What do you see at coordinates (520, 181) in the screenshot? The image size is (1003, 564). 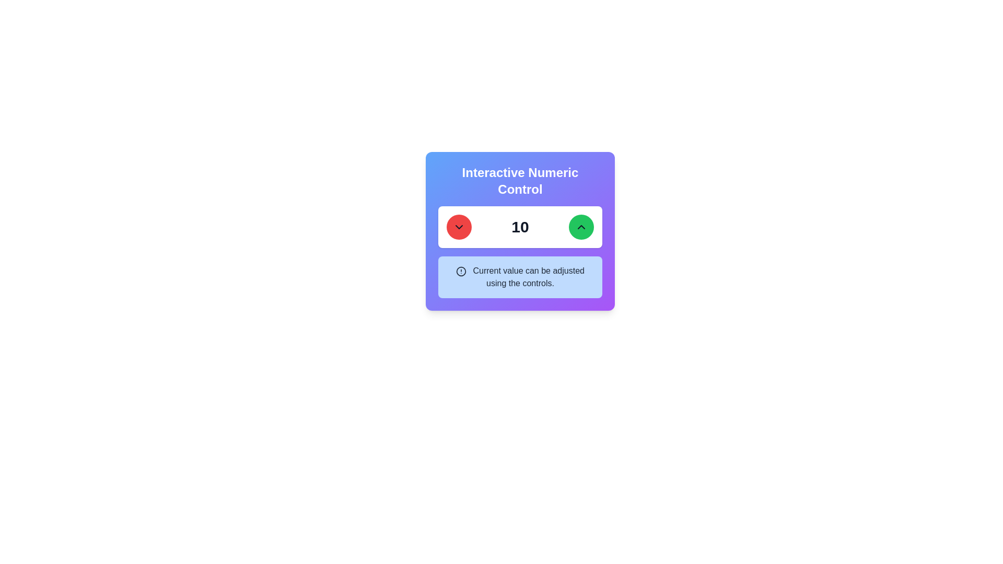 I see `the bold, centered text label reading 'Interactive Numeric Control' that is styled with a larger font size and stands out in a colorful gradient background` at bounding box center [520, 181].